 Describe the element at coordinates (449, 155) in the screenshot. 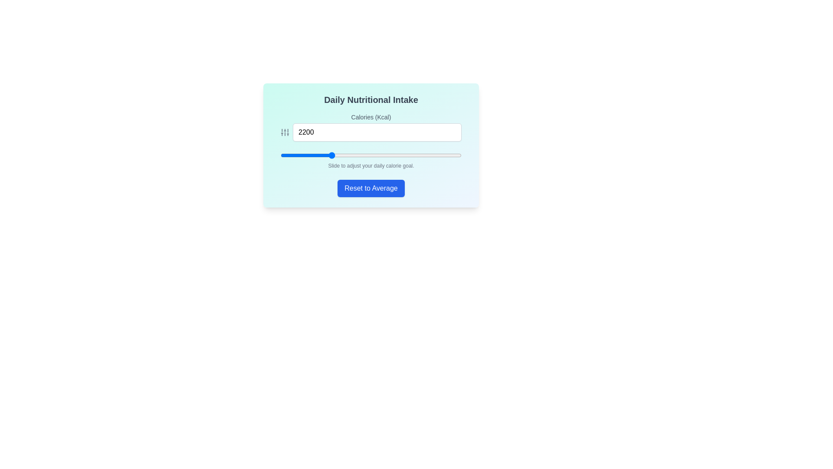

I see `daily calorie intake goal` at that location.